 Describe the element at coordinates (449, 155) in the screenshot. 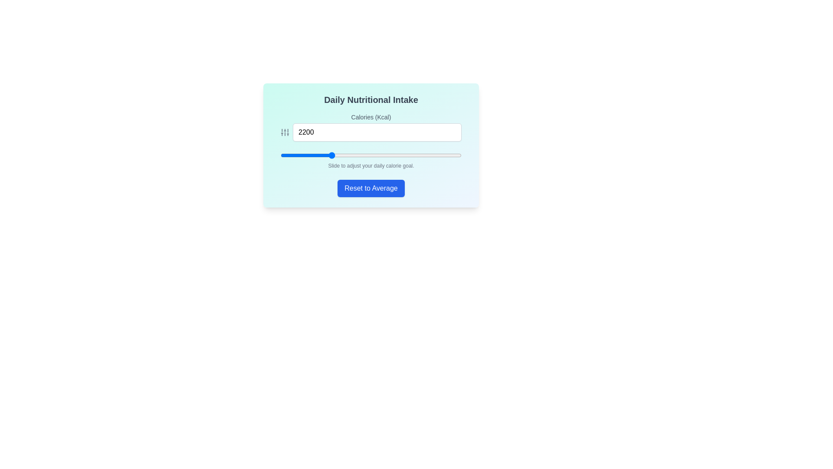

I see `daily calorie intake goal` at that location.